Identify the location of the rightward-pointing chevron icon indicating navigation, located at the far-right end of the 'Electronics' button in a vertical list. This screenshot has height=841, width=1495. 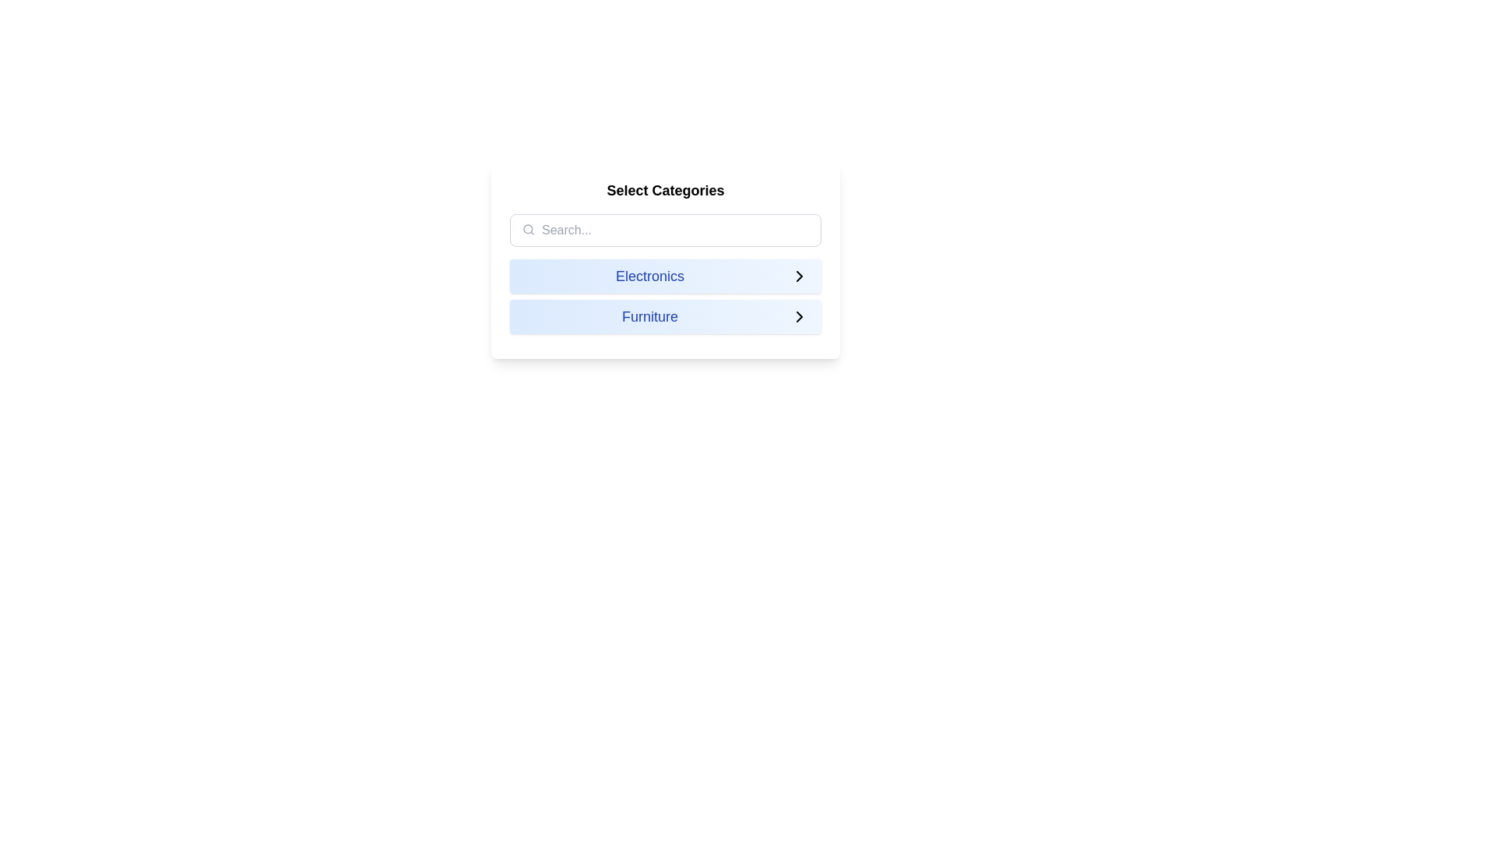
(800, 275).